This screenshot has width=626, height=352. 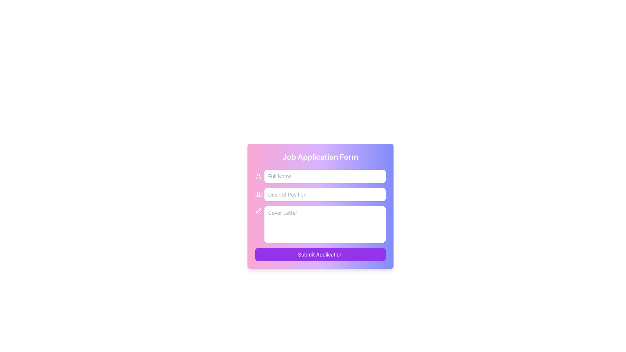 What do you see at coordinates (320, 254) in the screenshot?
I see `the 'Submit Application' button, which is a rectangular button with a purple background and white text` at bounding box center [320, 254].